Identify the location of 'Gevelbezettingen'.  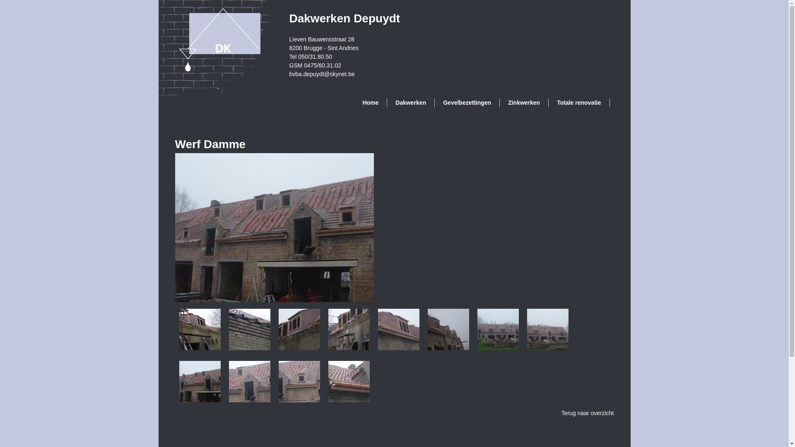
(467, 102).